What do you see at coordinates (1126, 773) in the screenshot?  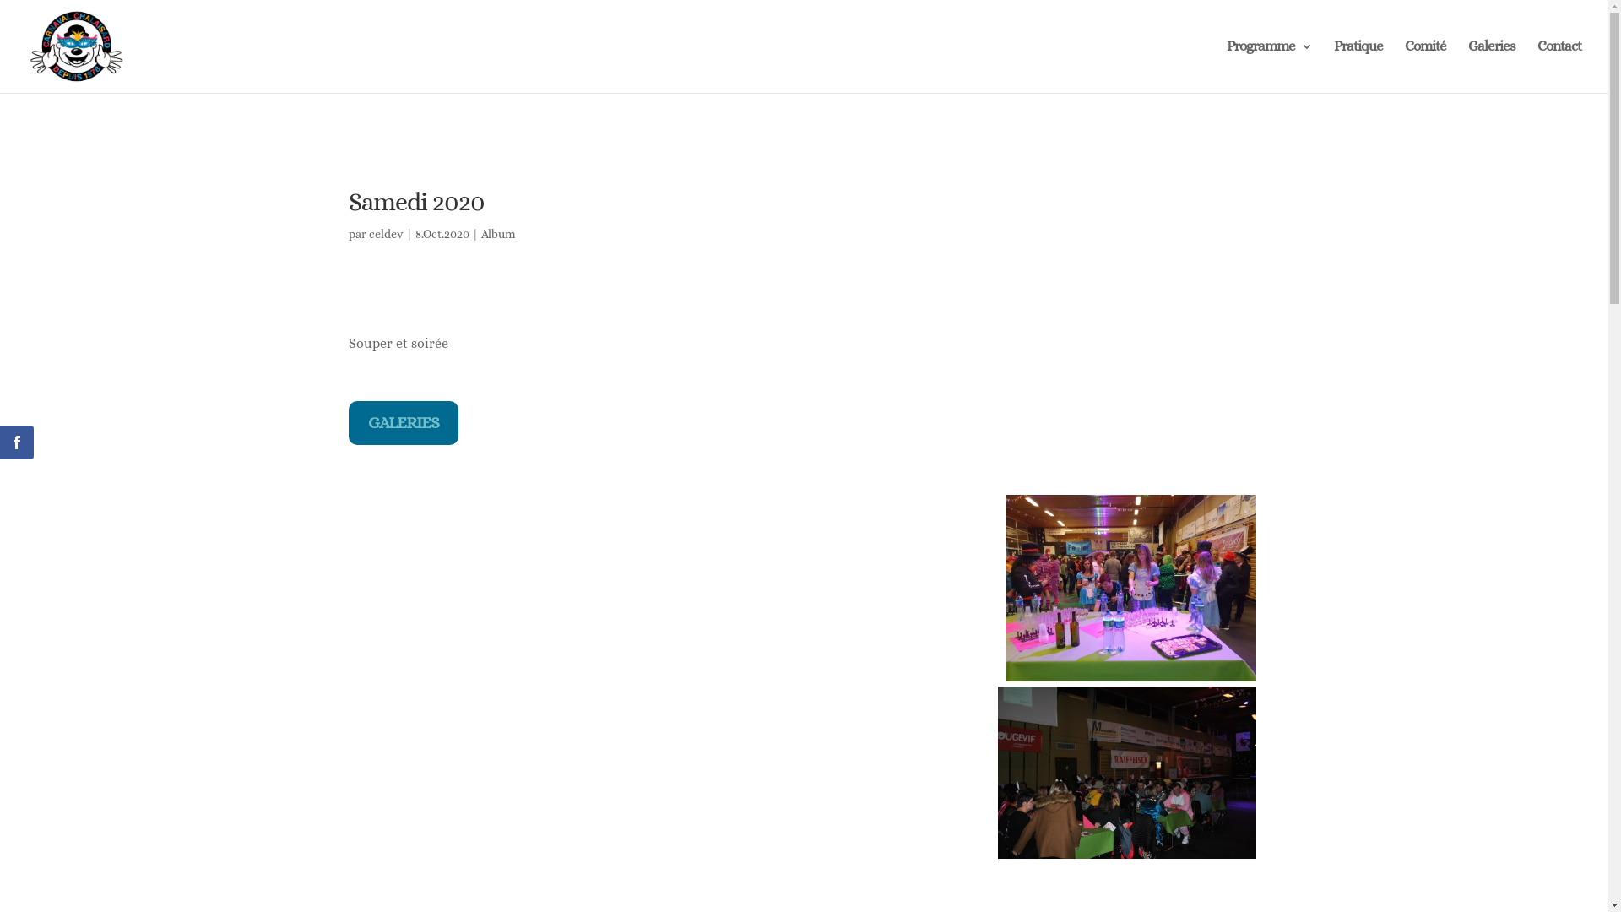 I see `'DSC_0221'` at bounding box center [1126, 773].